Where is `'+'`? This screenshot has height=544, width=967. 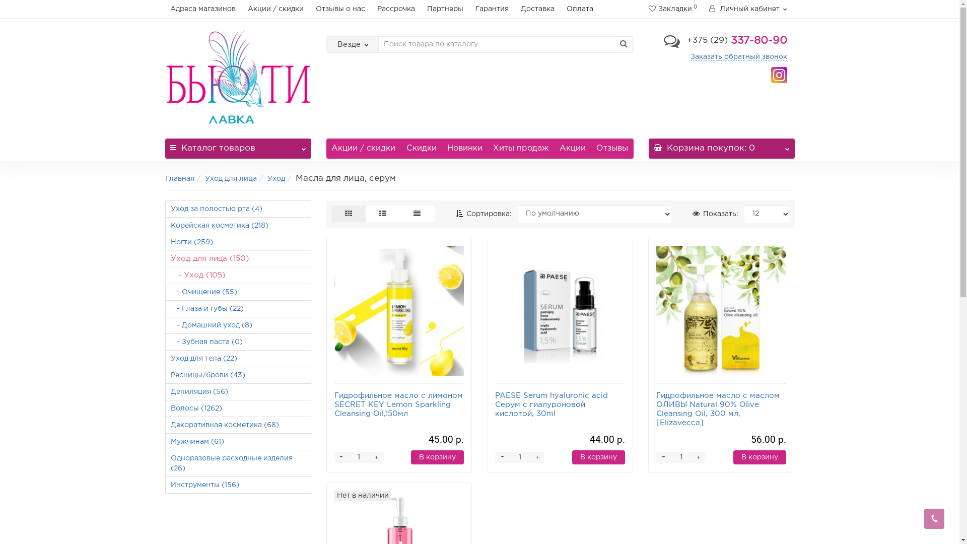
'+' is located at coordinates (376, 457).